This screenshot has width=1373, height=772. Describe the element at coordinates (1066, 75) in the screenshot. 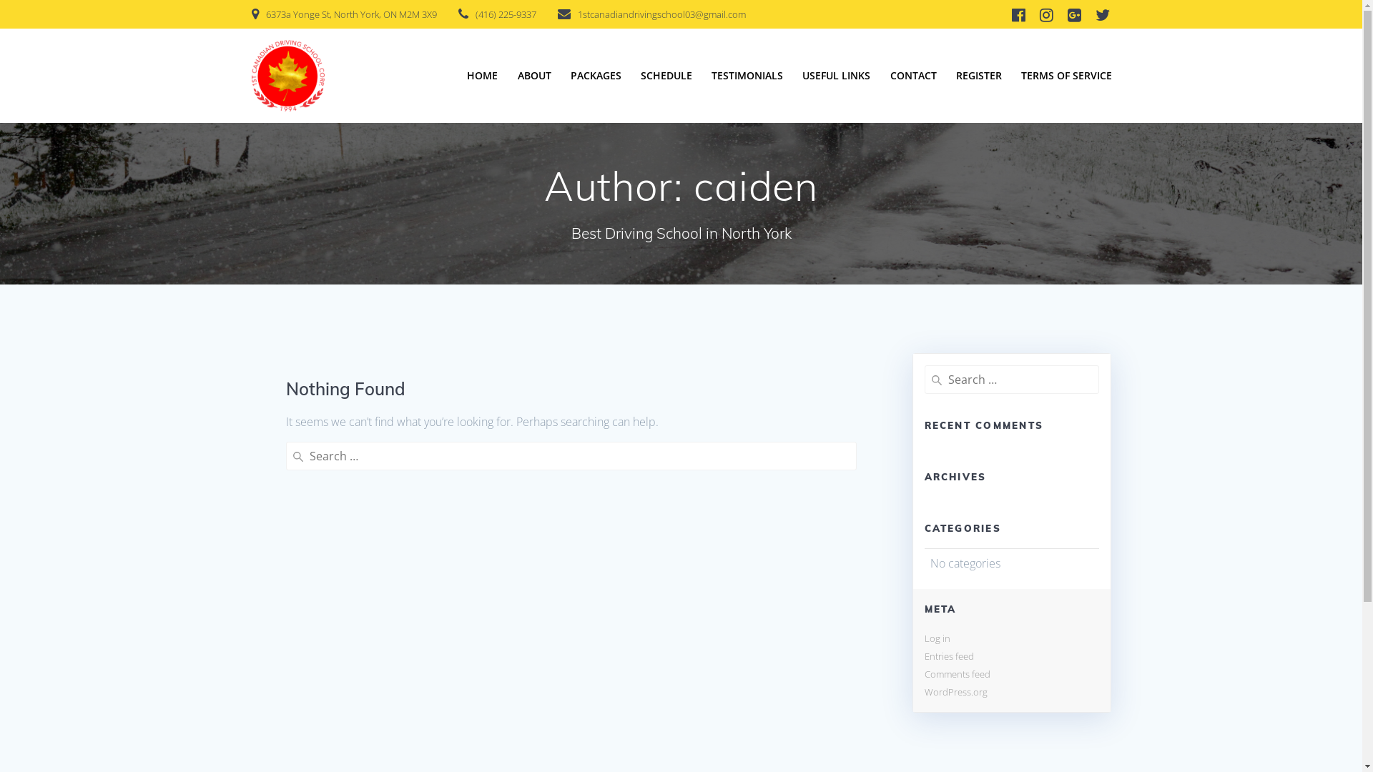

I see `'TERMS OF SERVICE'` at that location.